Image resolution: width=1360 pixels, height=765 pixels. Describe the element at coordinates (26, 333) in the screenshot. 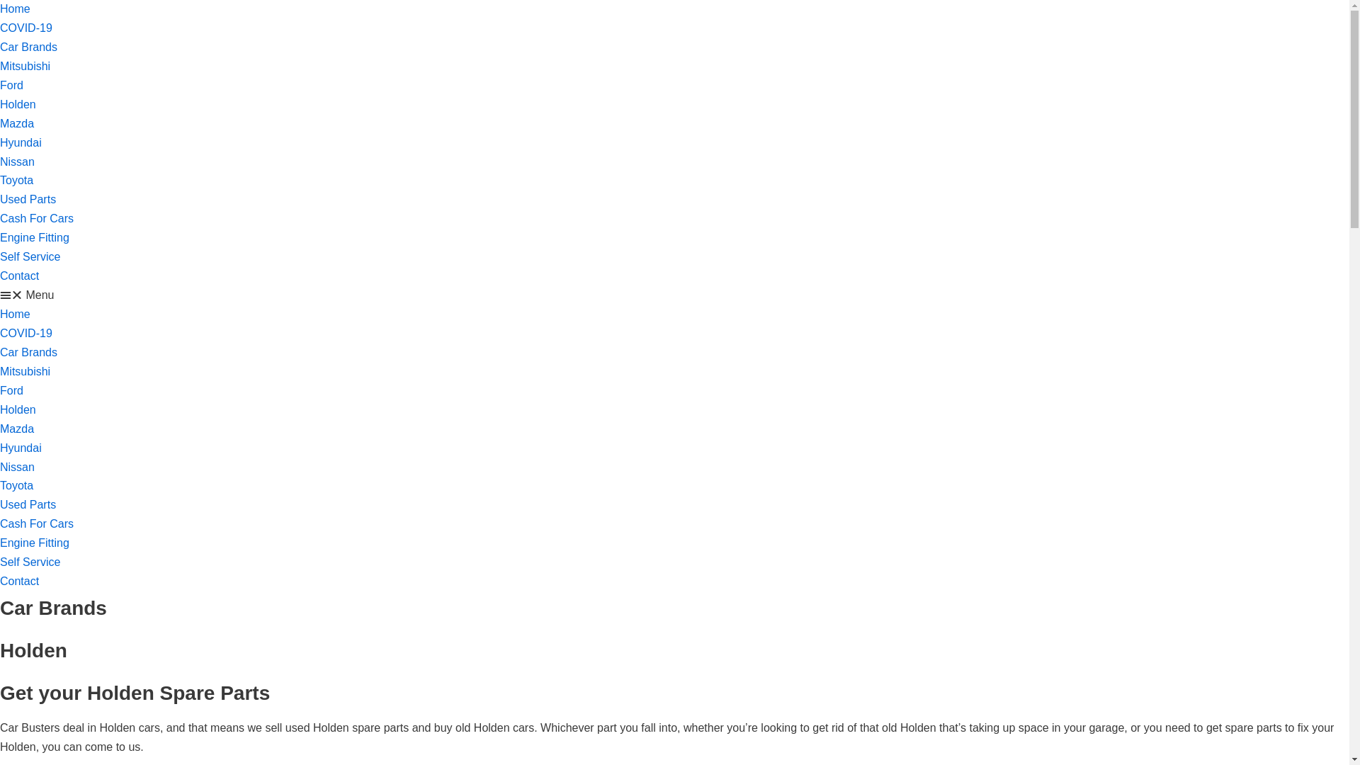

I see `'COVID-19'` at that location.